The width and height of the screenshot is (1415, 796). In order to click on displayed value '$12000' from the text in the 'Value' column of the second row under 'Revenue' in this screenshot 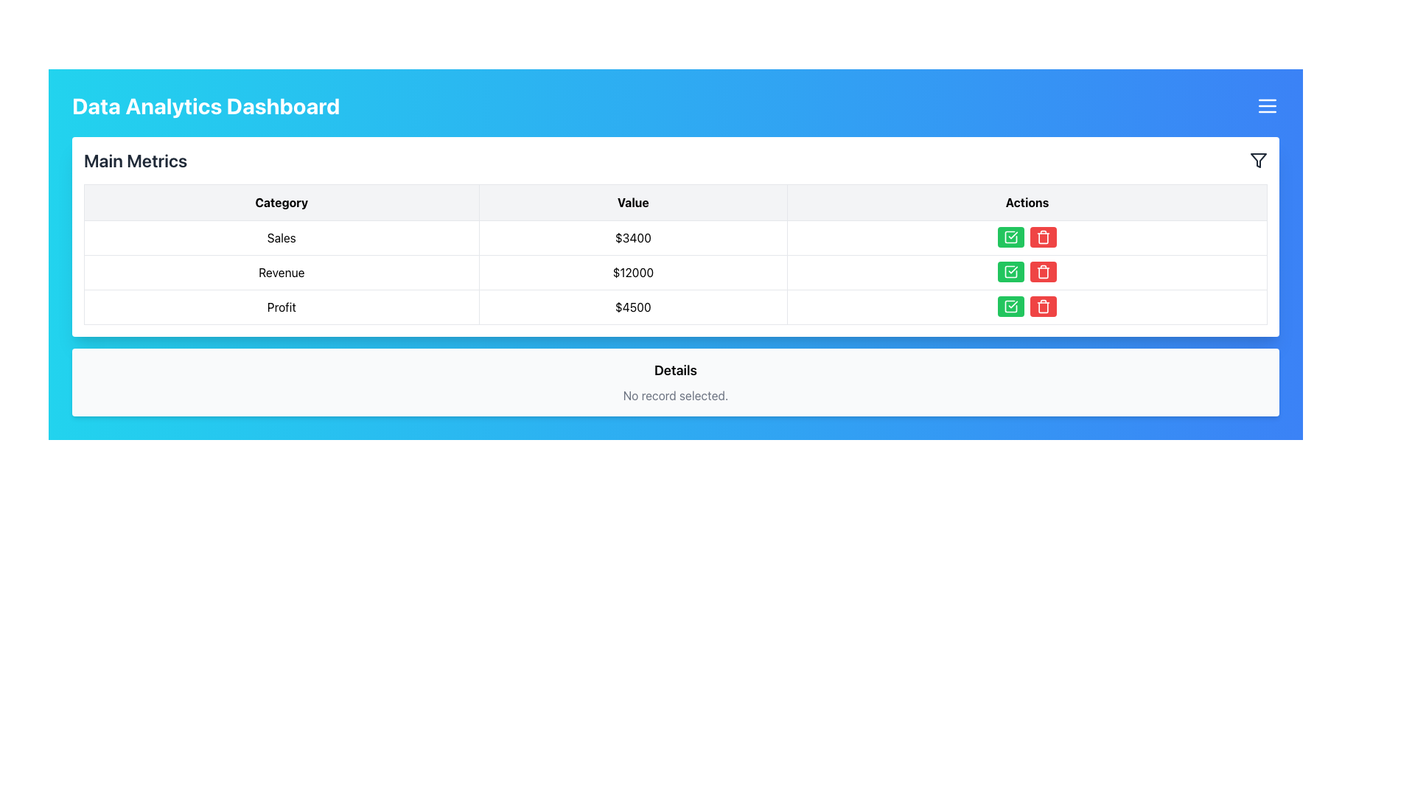, I will do `click(633, 273)`.